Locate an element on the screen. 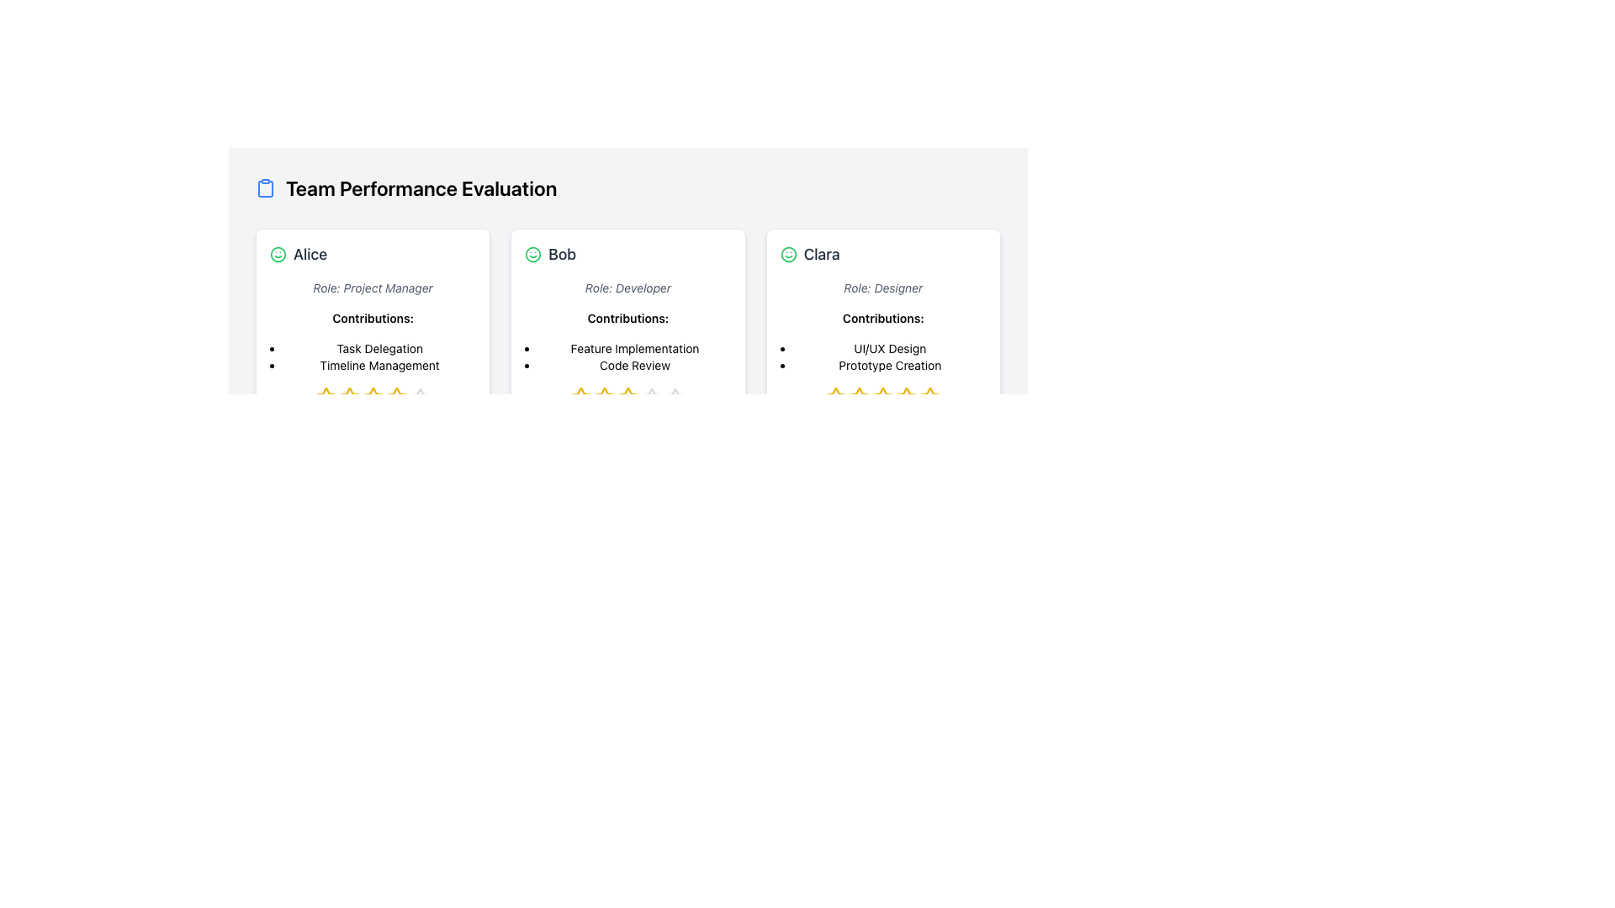 The image size is (1615, 908). visual representation of the rating system, which shows a 4 out of 5 stars rating for 'Alice's' performance, located at the lower section of the card titled 'Alice' in the 'Team Performance Evaluation' interface is located at coordinates (372, 398).